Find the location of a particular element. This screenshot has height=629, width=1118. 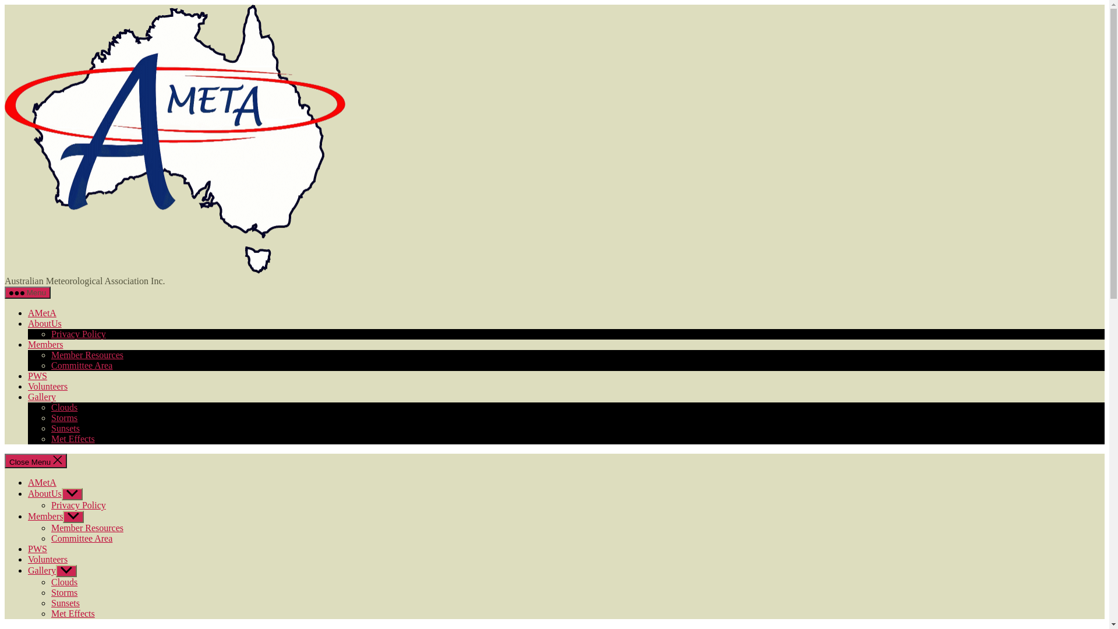

'Menu' is located at coordinates (27, 292).